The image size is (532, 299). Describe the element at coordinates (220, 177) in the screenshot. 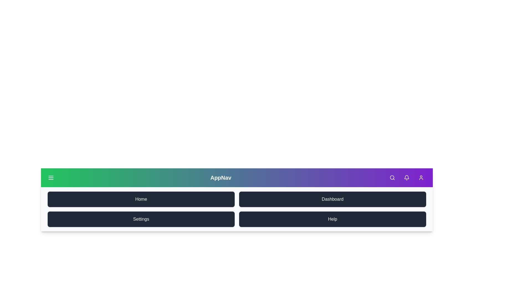

I see `the 'AppNav' text to view its properties` at that location.